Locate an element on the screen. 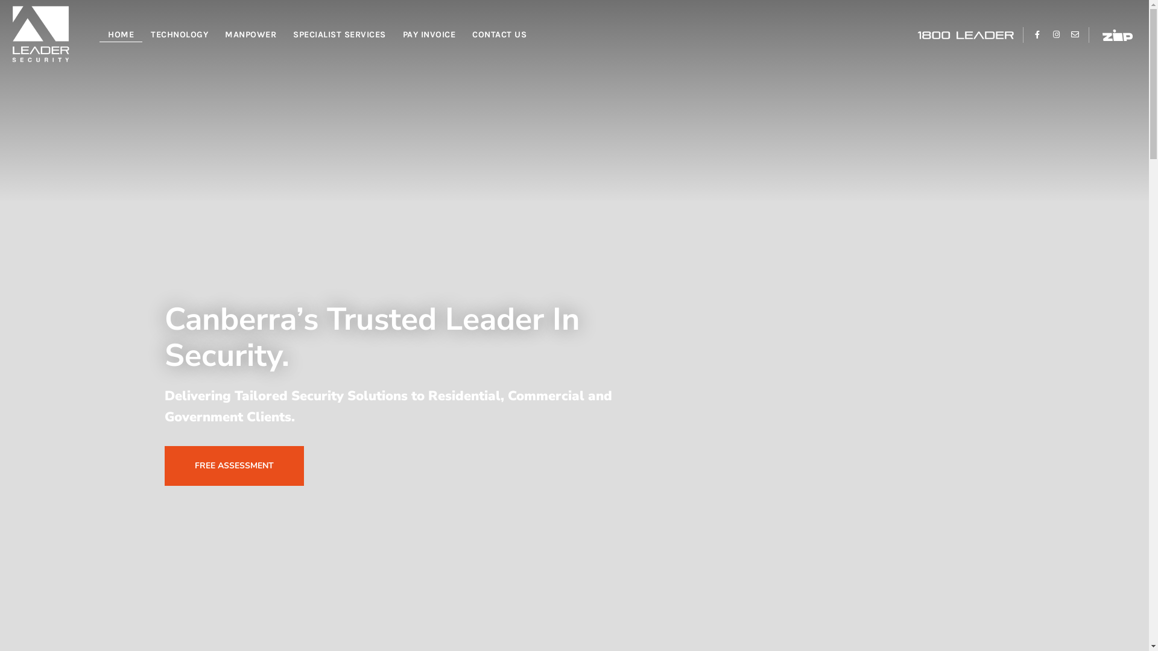  'CONTACT US' is located at coordinates (499, 34).